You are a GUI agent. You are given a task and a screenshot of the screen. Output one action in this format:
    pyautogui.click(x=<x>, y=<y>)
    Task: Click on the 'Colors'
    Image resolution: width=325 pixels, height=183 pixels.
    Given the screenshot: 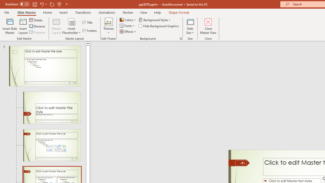 What is the action you would take?
    pyautogui.click(x=128, y=20)
    